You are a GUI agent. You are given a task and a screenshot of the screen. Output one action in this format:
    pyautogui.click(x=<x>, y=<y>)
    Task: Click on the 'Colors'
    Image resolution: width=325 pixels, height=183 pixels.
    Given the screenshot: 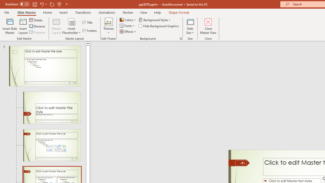 What is the action you would take?
    pyautogui.click(x=128, y=20)
    